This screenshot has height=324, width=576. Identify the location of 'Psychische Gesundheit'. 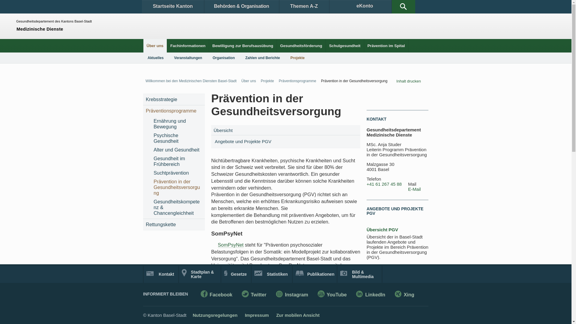
(178, 138).